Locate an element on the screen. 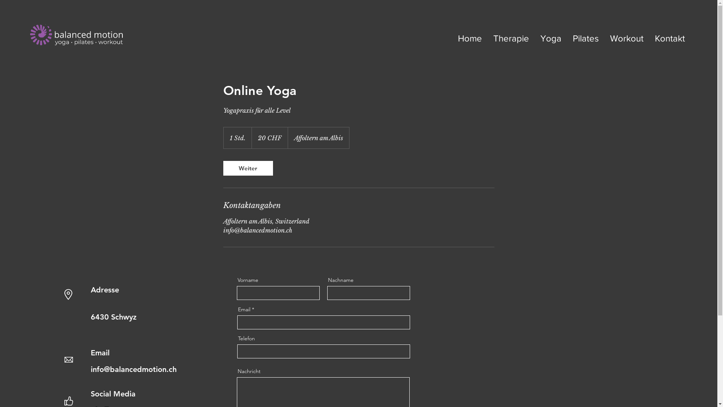 Image resolution: width=723 pixels, height=407 pixels. 'Homepage' is located at coordinates (76, 35).